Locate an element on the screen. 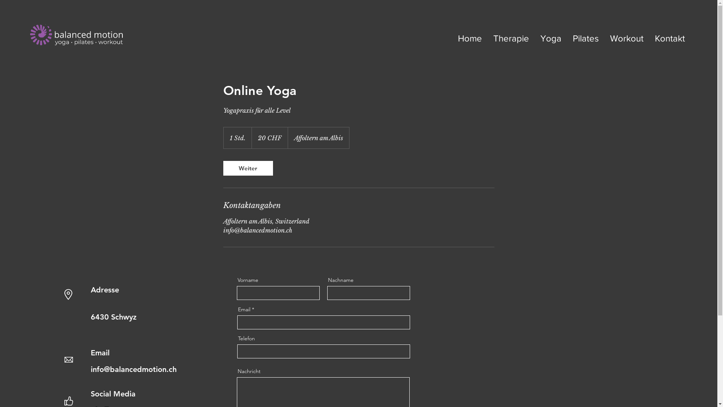 Image resolution: width=723 pixels, height=407 pixels. 'Homepage' is located at coordinates (76, 35).